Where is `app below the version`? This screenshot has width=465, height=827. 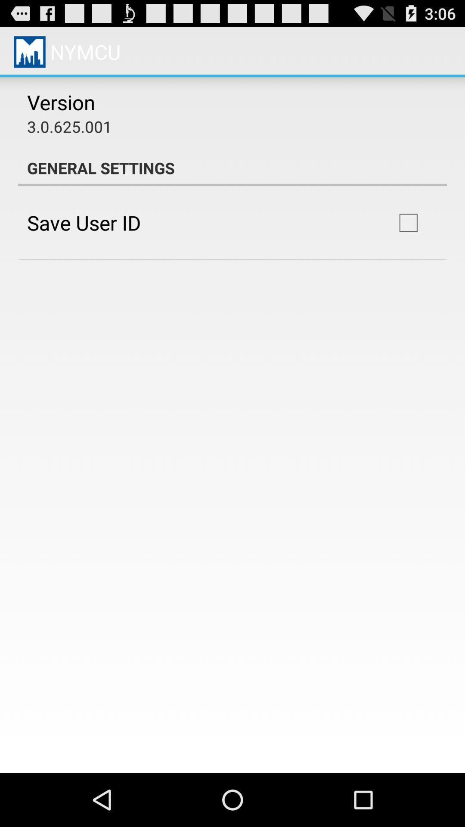
app below the version is located at coordinates (69, 126).